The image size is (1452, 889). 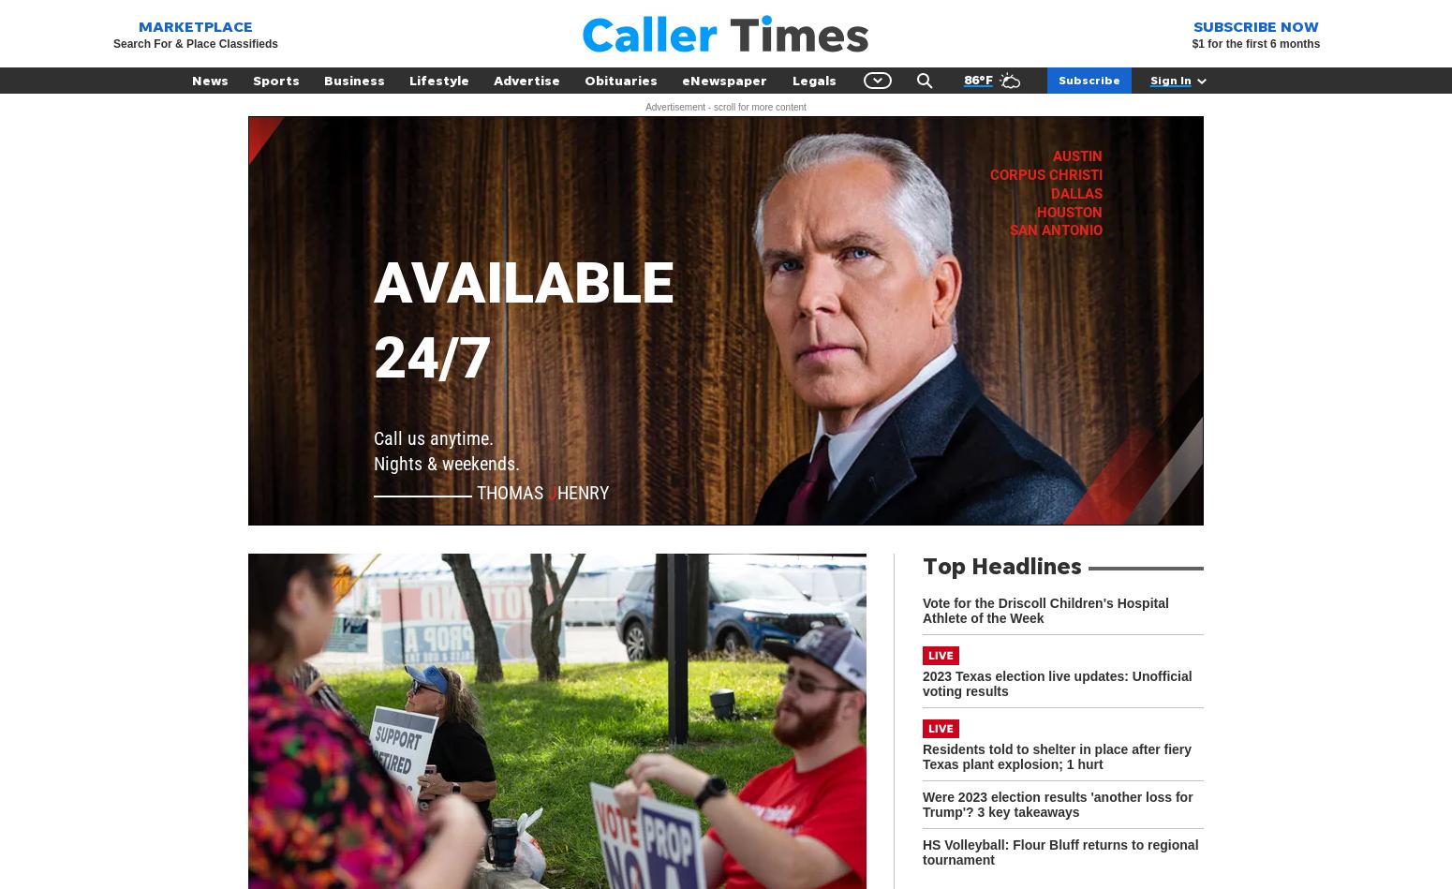 I want to click on 'Residents told to shelter in place after fiery Texas plant explosion; 1 hurt', so click(x=1056, y=755).